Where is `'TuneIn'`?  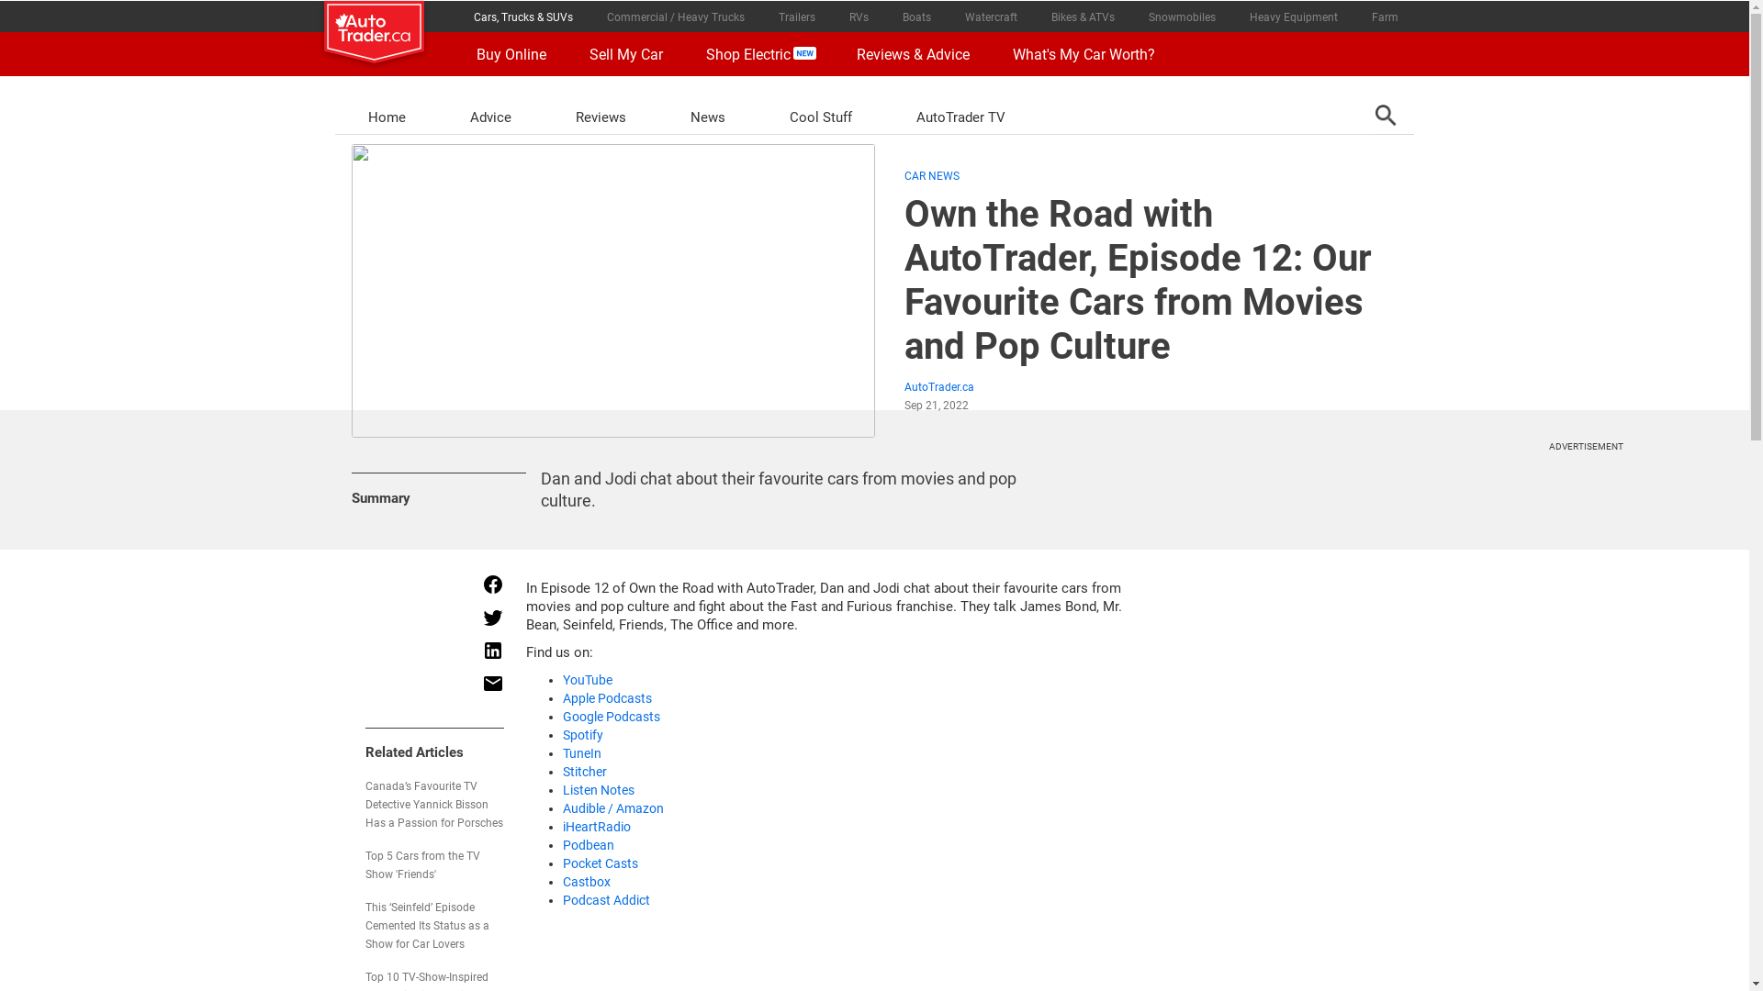 'TuneIn' is located at coordinates (580, 753).